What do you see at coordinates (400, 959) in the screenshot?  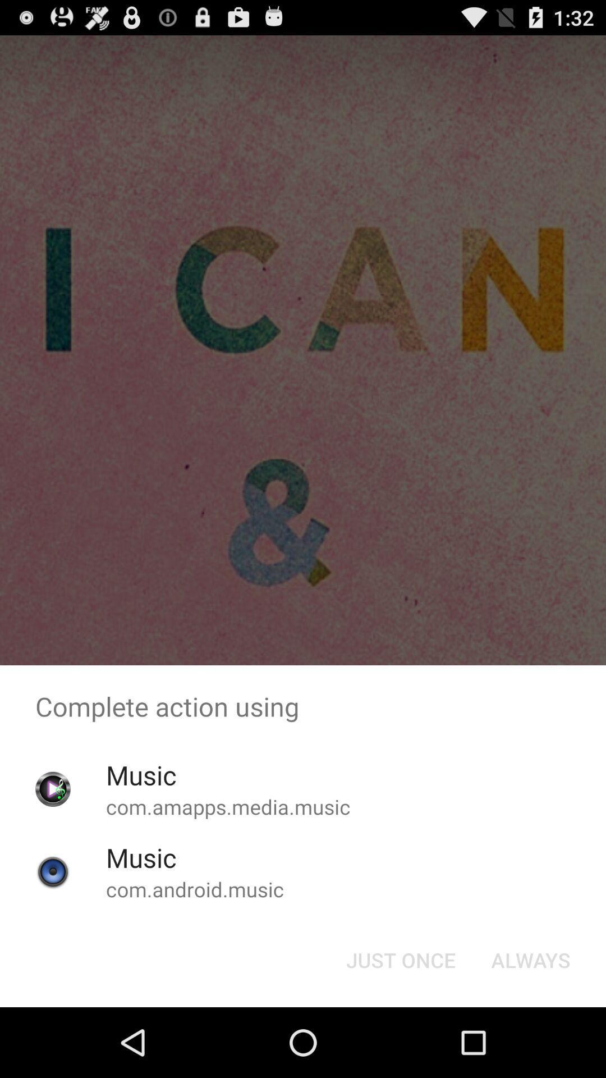 I see `the just once icon` at bounding box center [400, 959].